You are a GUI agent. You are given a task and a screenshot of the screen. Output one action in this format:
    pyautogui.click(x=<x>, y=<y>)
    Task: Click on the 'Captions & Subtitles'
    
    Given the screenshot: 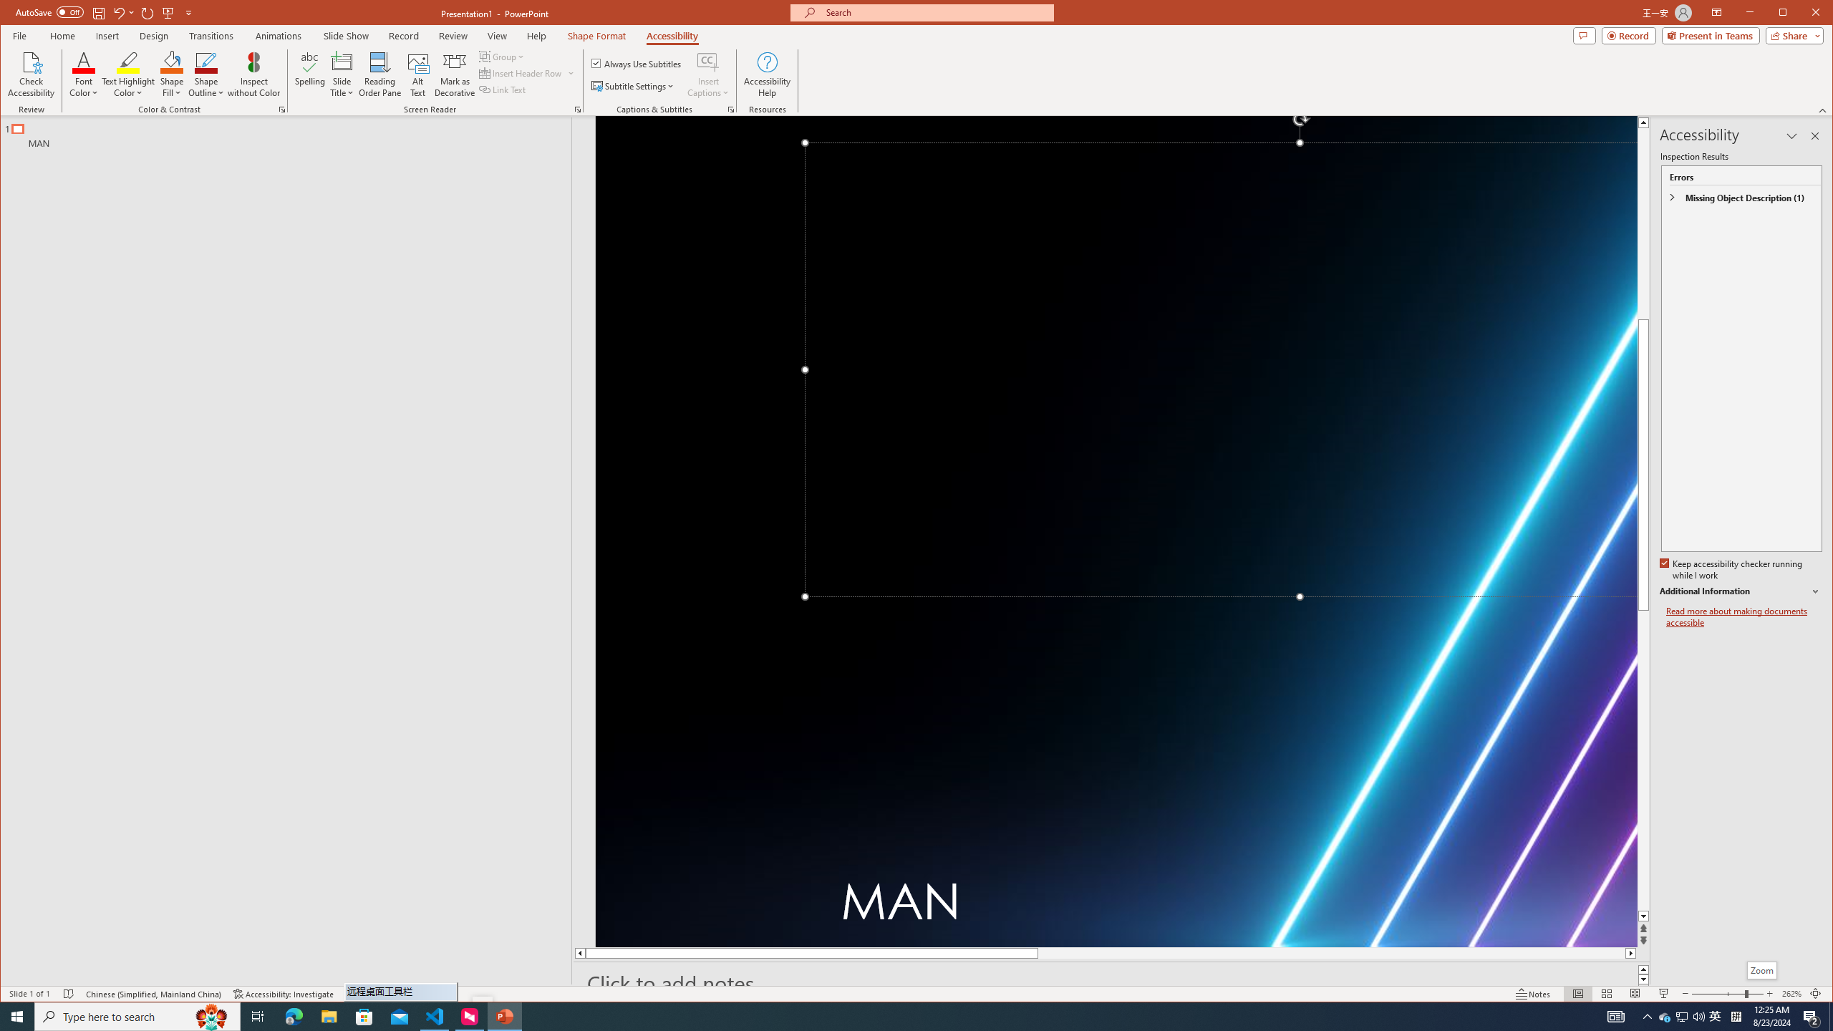 What is the action you would take?
    pyautogui.click(x=730, y=110)
    